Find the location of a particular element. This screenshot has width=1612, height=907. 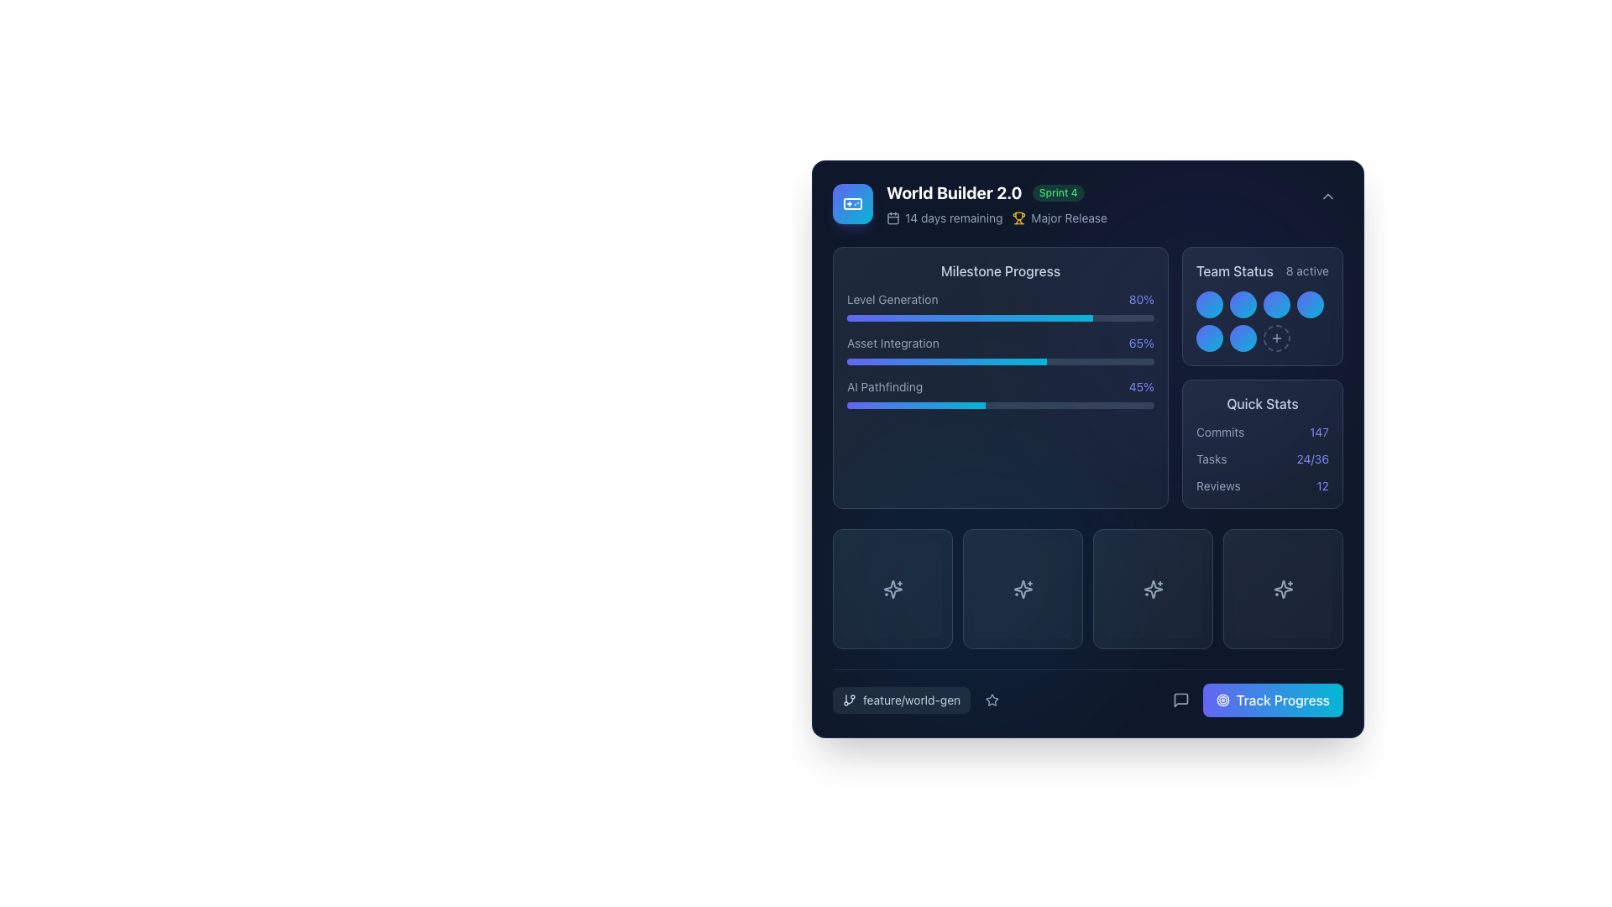

the fifth circle in the 'Team Status' area, which serves as a status indicator for team members or activities is located at coordinates (1209, 338).